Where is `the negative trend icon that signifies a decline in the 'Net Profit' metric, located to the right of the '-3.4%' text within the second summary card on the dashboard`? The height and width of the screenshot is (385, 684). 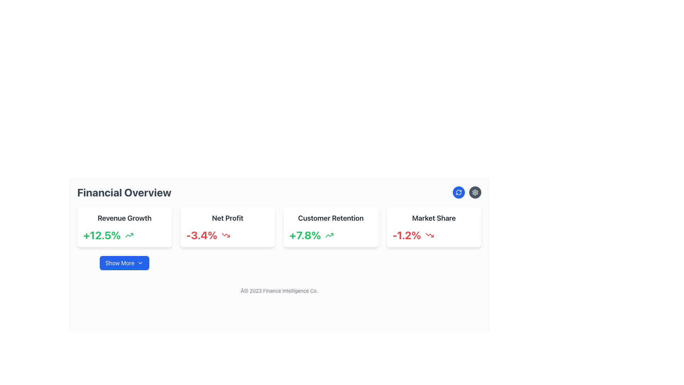
the negative trend icon that signifies a decline in the 'Net Profit' metric, located to the right of the '-3.4%' text within the second summary card on the dashboard is located at coordinates (225, 235).